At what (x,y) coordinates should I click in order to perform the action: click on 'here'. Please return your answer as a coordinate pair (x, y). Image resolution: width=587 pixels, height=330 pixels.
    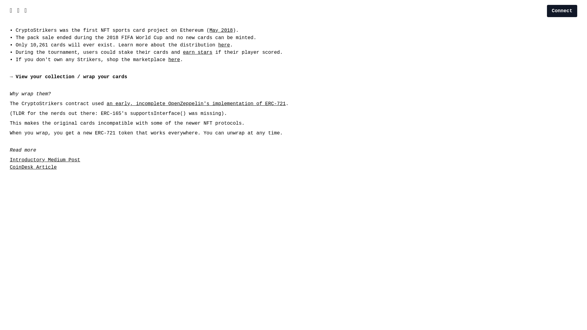
    Looking at the image, I should click on (224, 45).